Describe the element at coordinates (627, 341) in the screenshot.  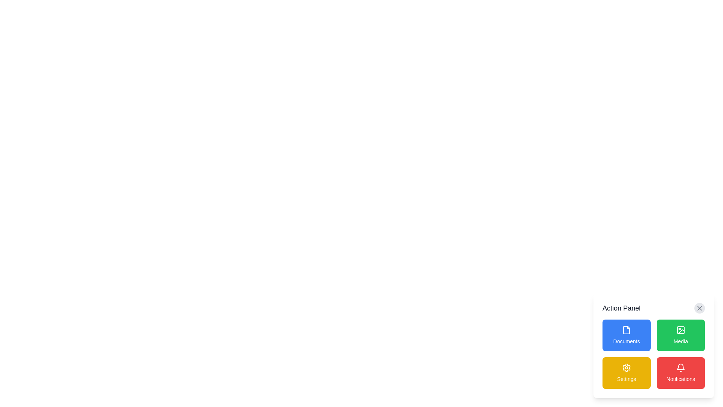
I see `'Documents' label located at the bottom center of the blue button in the 'Action Panel', which features white text on a blue background` at that location.